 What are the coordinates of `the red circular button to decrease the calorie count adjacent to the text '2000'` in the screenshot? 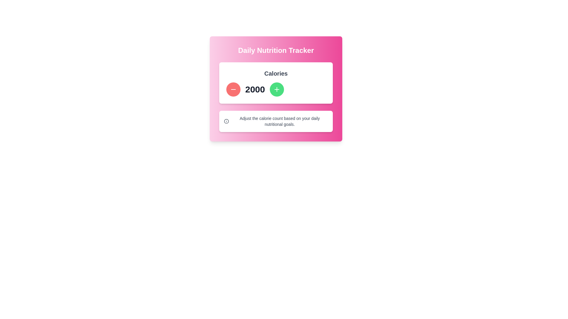 It's located at (233, 89).